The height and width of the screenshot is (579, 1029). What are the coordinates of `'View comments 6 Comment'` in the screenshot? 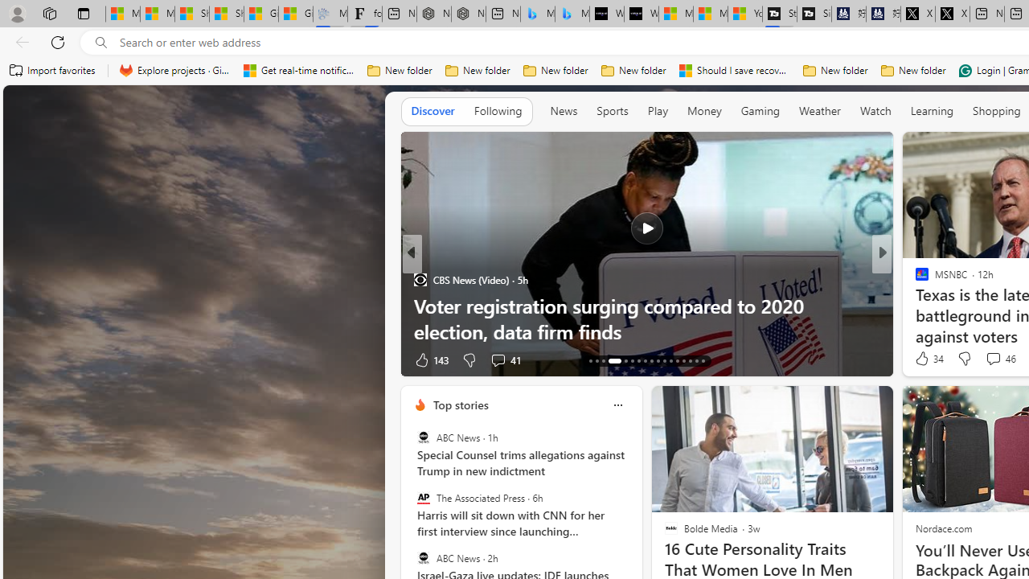 It's located at (992, 359).